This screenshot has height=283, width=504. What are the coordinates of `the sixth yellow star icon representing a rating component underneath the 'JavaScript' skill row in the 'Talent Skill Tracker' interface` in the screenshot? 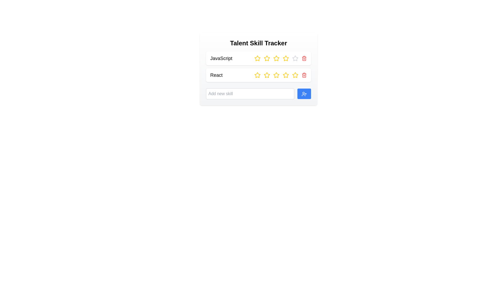 It's located at (286, 58).